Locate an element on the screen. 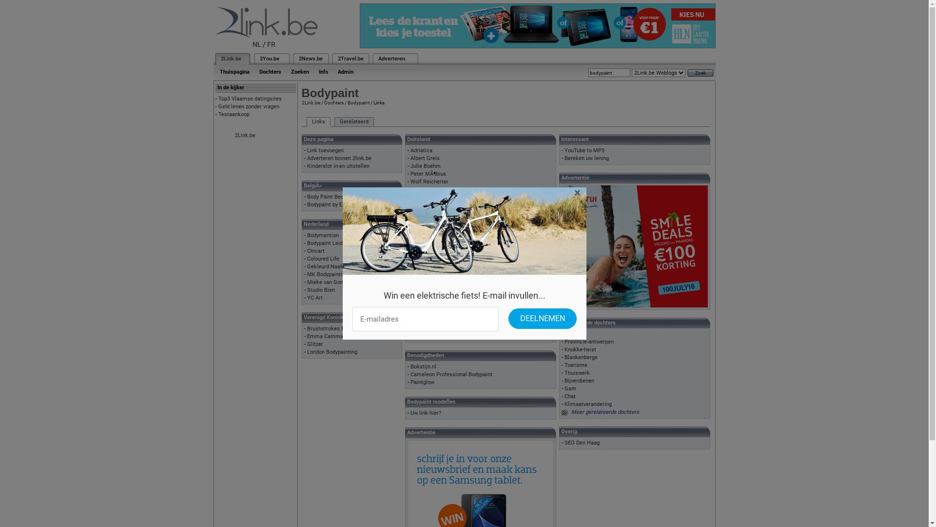 The height and width of the screenshot is (527, 936). 'Knokke-heist' is located at coordinates (580, 349).